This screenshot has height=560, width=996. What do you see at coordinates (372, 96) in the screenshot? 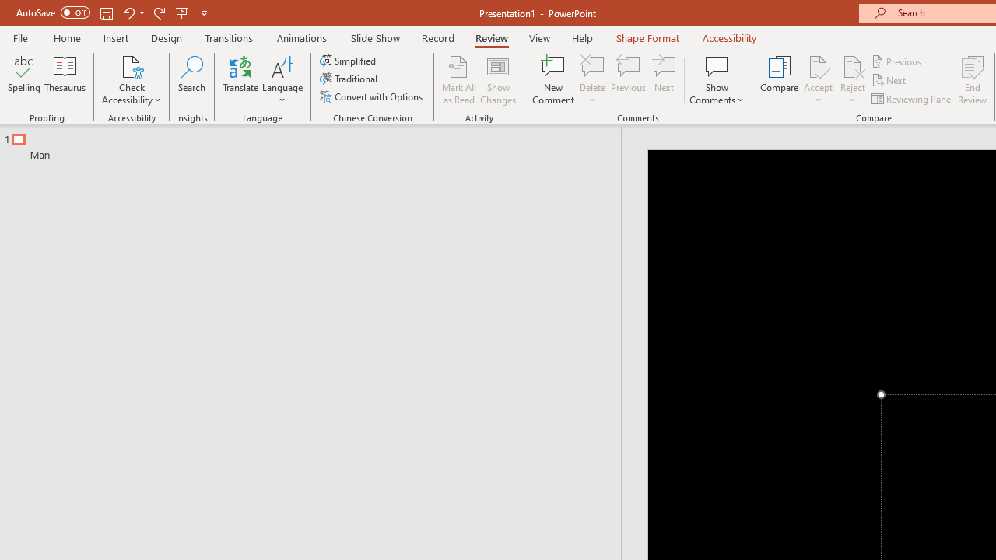
I see `'Convert with Options...'` at bounding box center [372, 96].